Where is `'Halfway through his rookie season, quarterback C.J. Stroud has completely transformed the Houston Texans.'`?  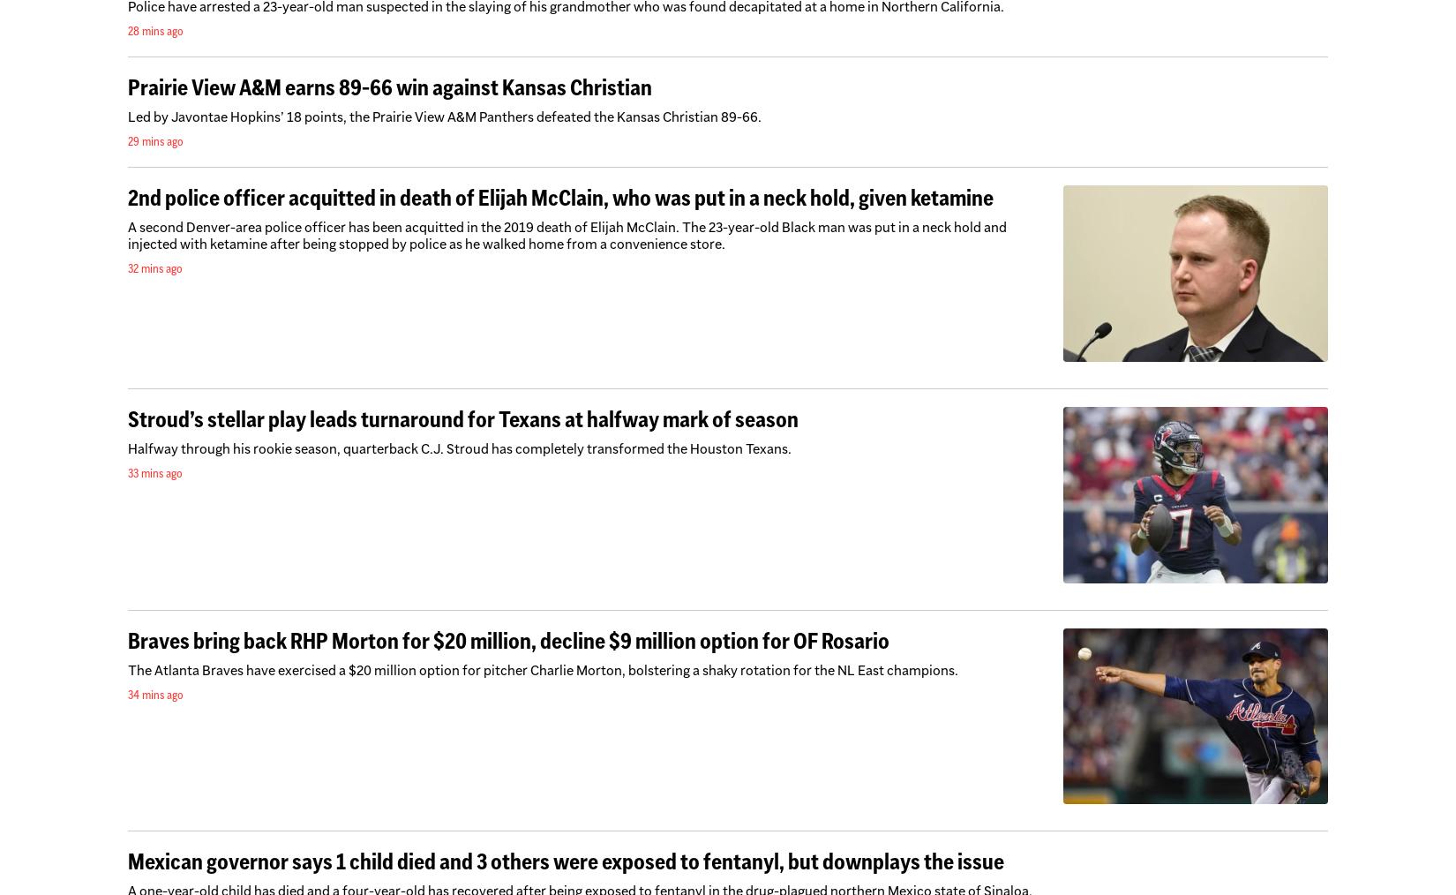 'Halfway through his rookie season, quarterback C.J. Stroud has completely transformed the Houston Texans.' is located at coordinates (459, 447).